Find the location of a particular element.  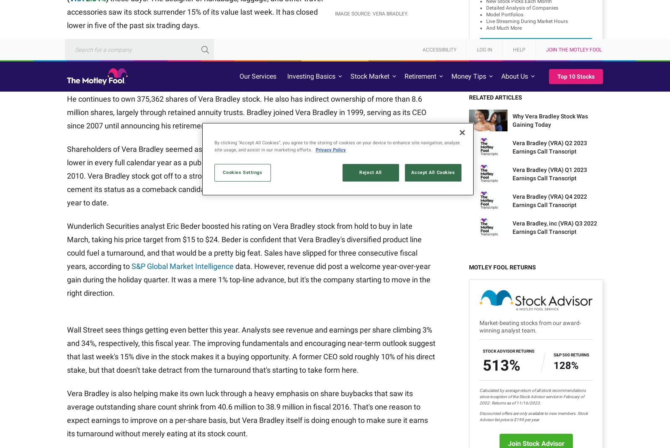

'Motley Fool Wealth Management' is located at coordinates (552, 306).